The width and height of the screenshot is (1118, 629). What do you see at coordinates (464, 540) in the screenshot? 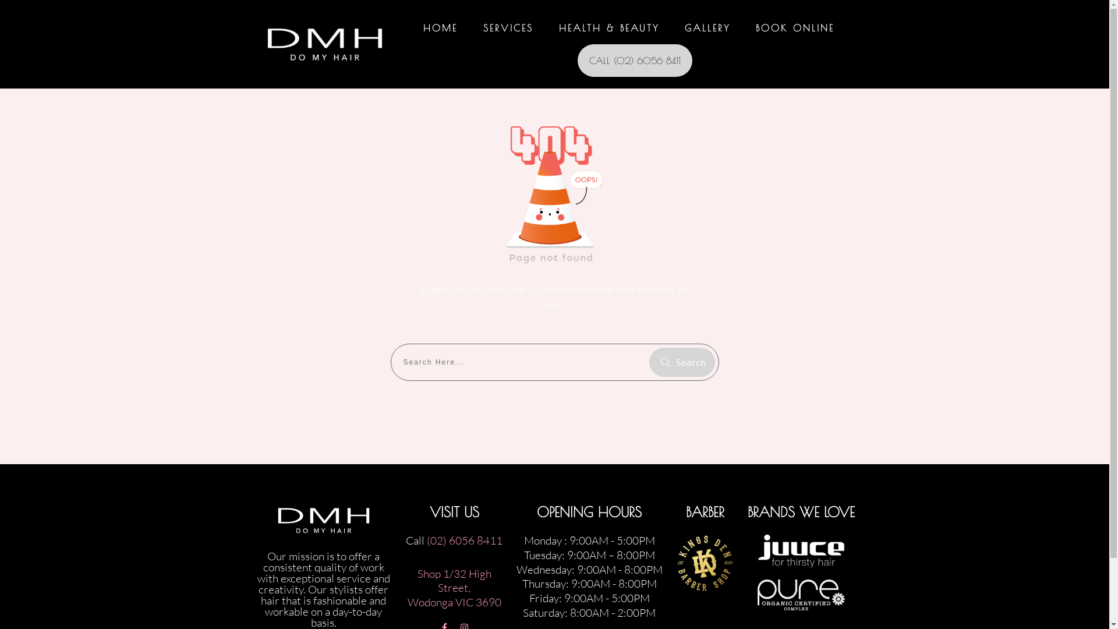
I see `'(02) 6056 8411'` at bounding box center [464, 540].